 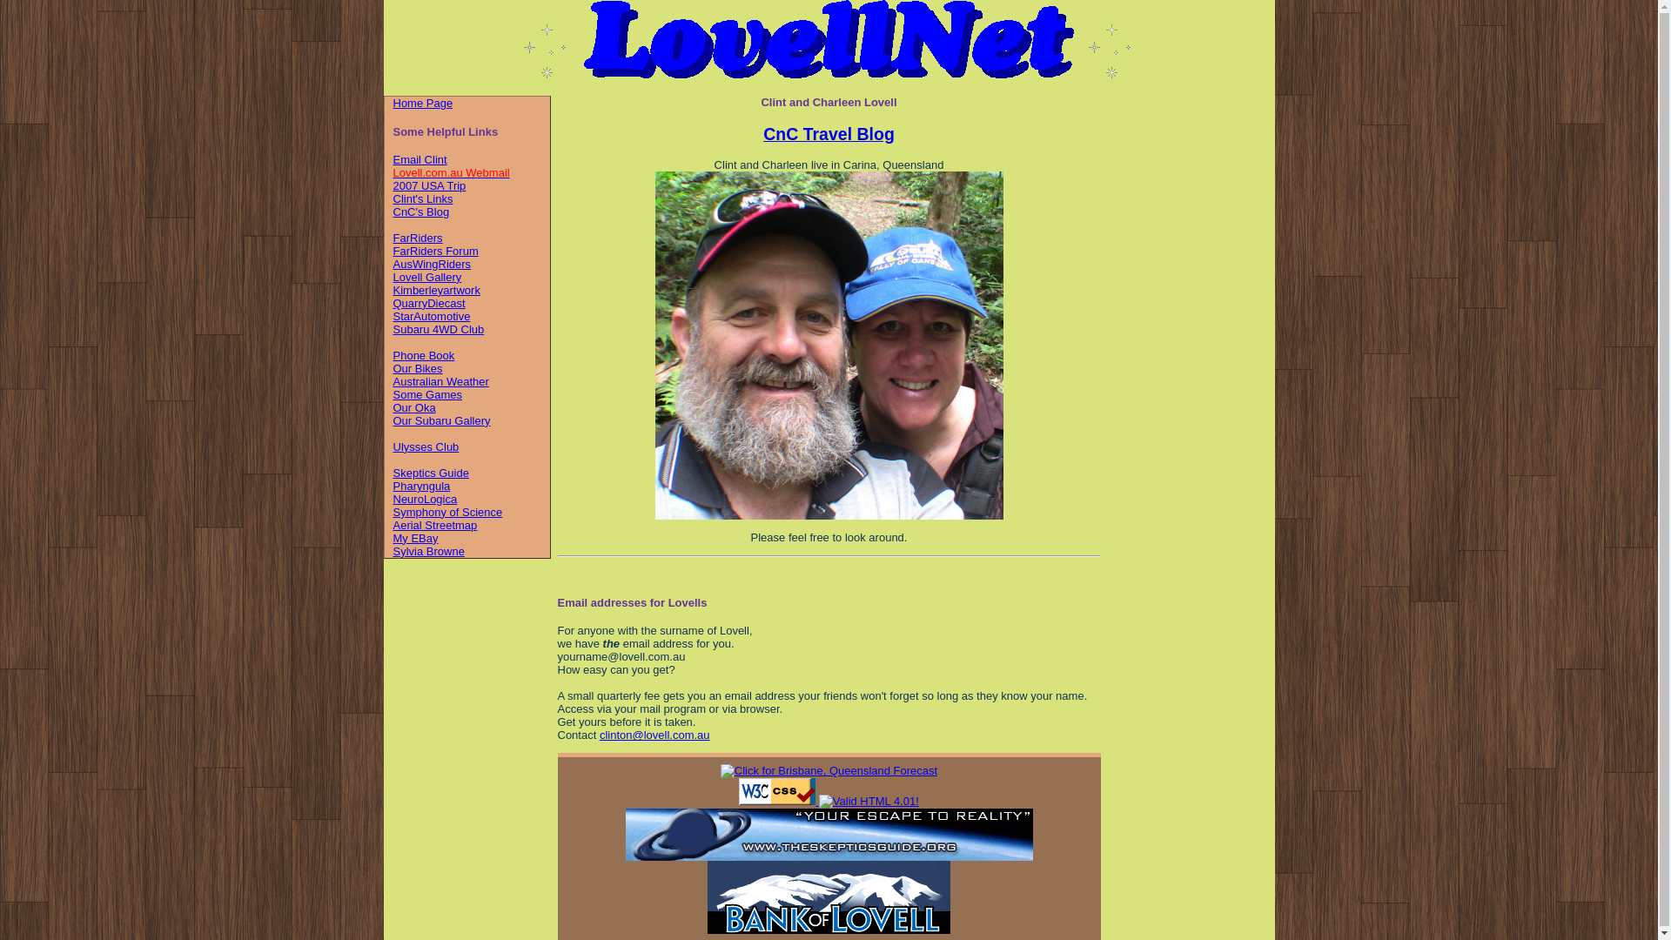 I want to click on 'NeuroLogica', so click(x=392, y=499).